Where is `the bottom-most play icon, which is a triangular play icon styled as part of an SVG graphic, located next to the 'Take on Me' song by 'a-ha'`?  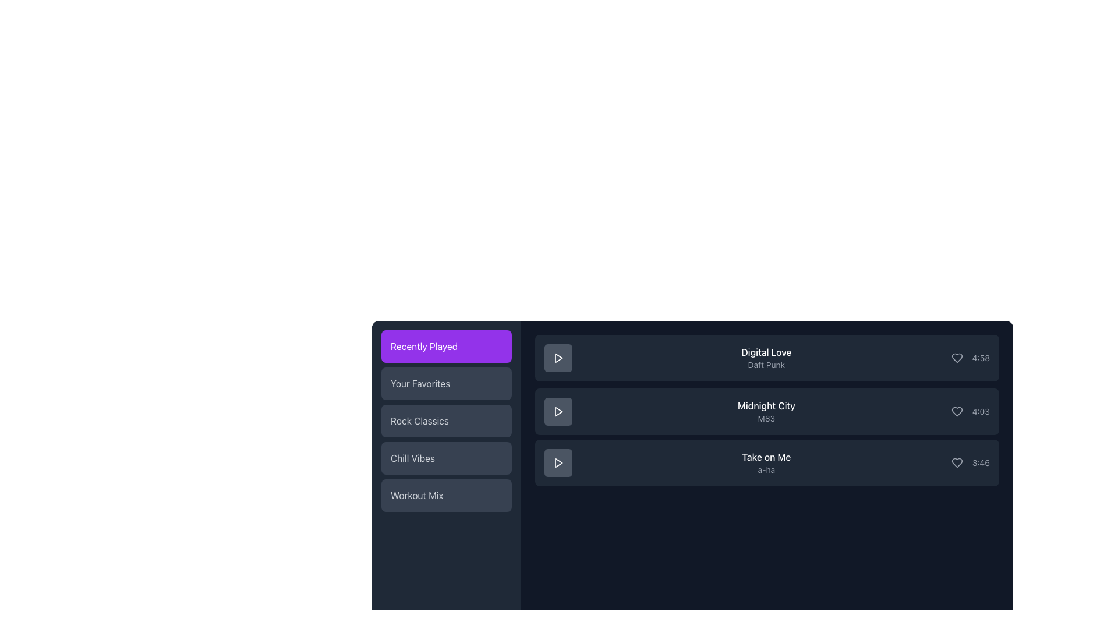
the bottom-most play icon, which is a triangular play icon styled as part of an SVG graphic, located next to the 'Take on Me' song by 'a-ha' is located at coordinates (558, 462).